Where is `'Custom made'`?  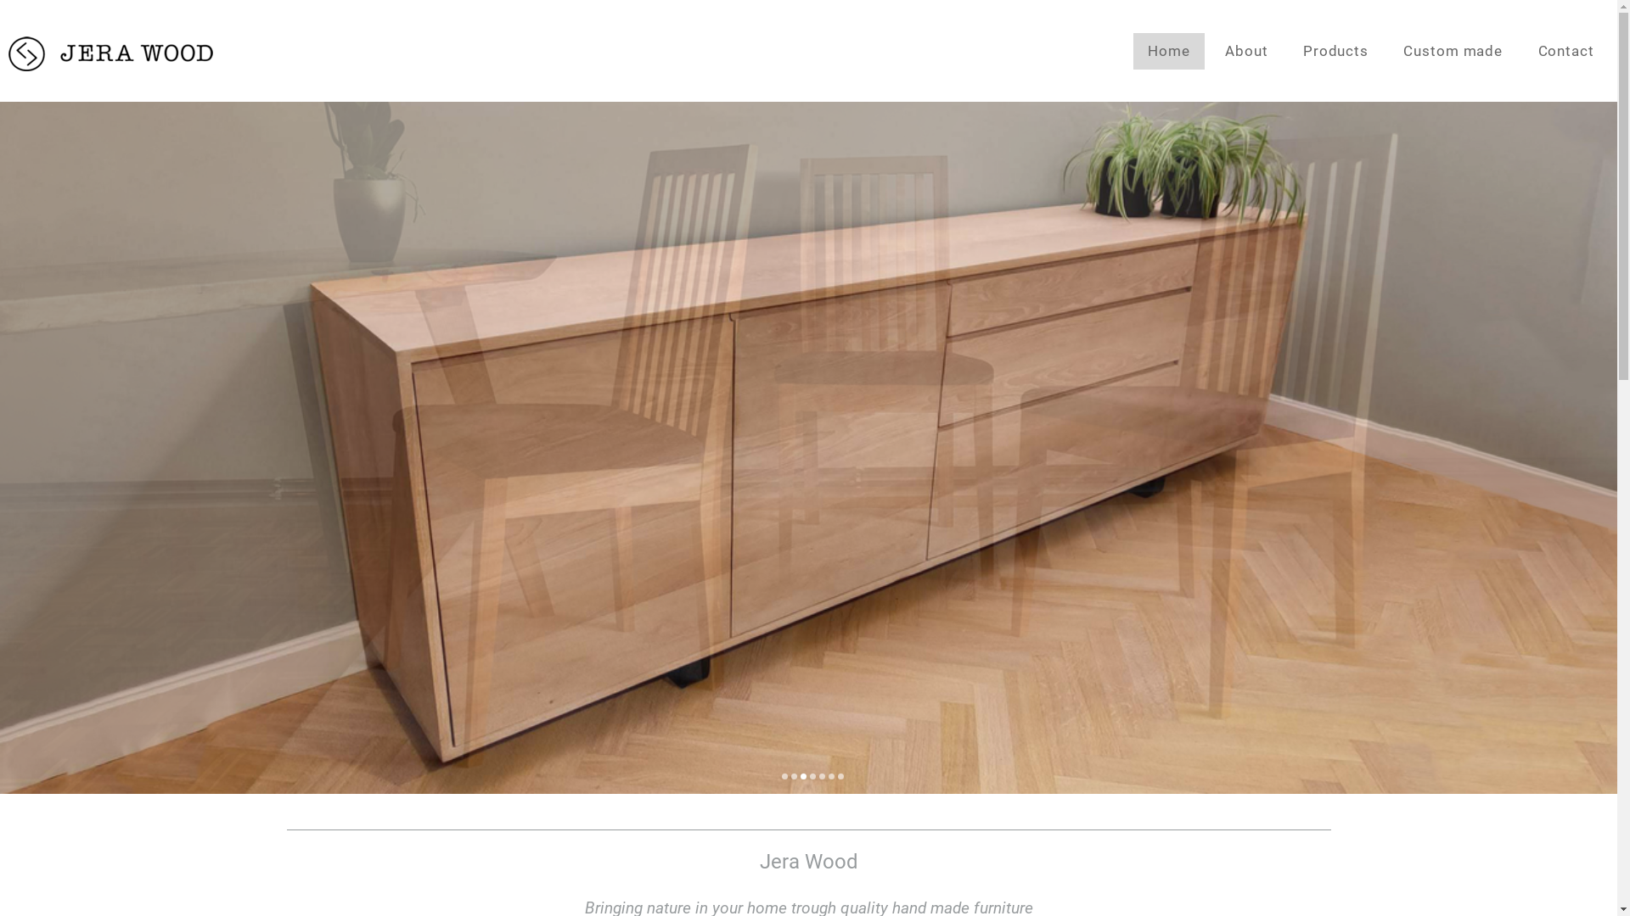
'Custom made' is located at coordinates (1452, 50).